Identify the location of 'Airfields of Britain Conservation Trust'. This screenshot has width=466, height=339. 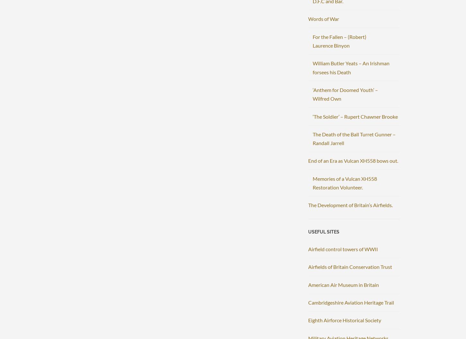
(350, 266).